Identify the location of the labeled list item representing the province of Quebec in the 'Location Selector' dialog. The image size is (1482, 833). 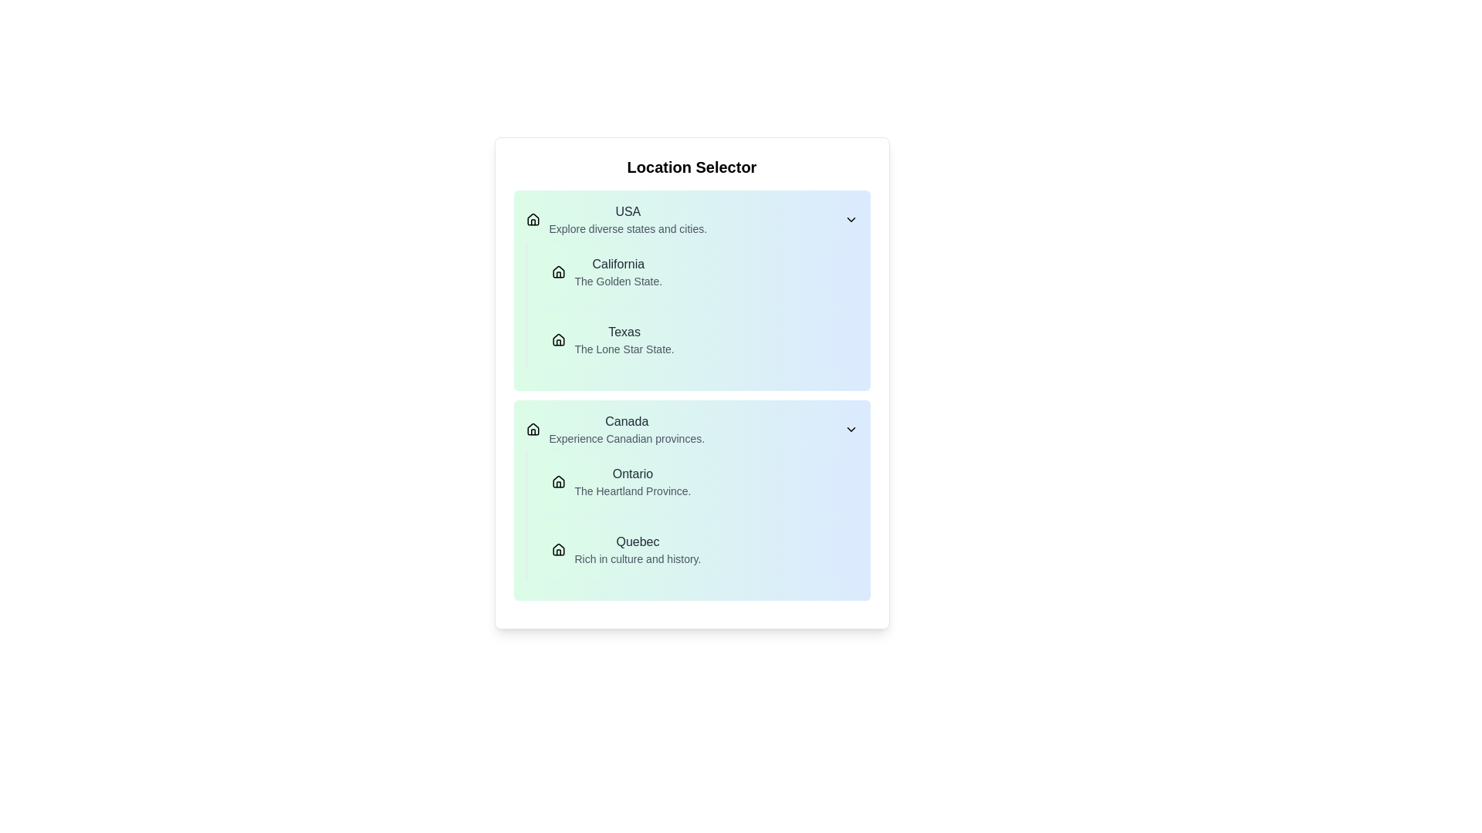
(638, 549).